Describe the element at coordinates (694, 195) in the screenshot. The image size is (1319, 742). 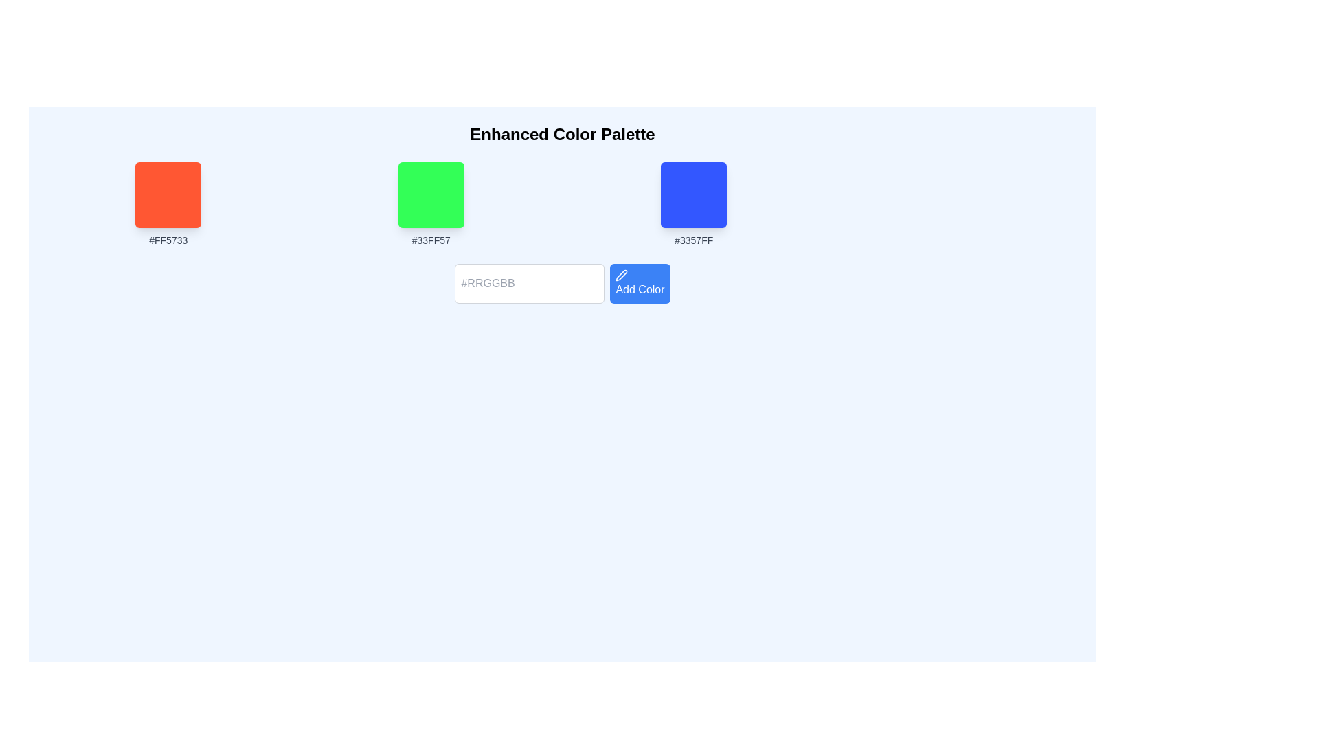
I see `the rightmost blue square in a horizontal row of three color squares in the color palette interface, labeled '#3357FF'` at that location.